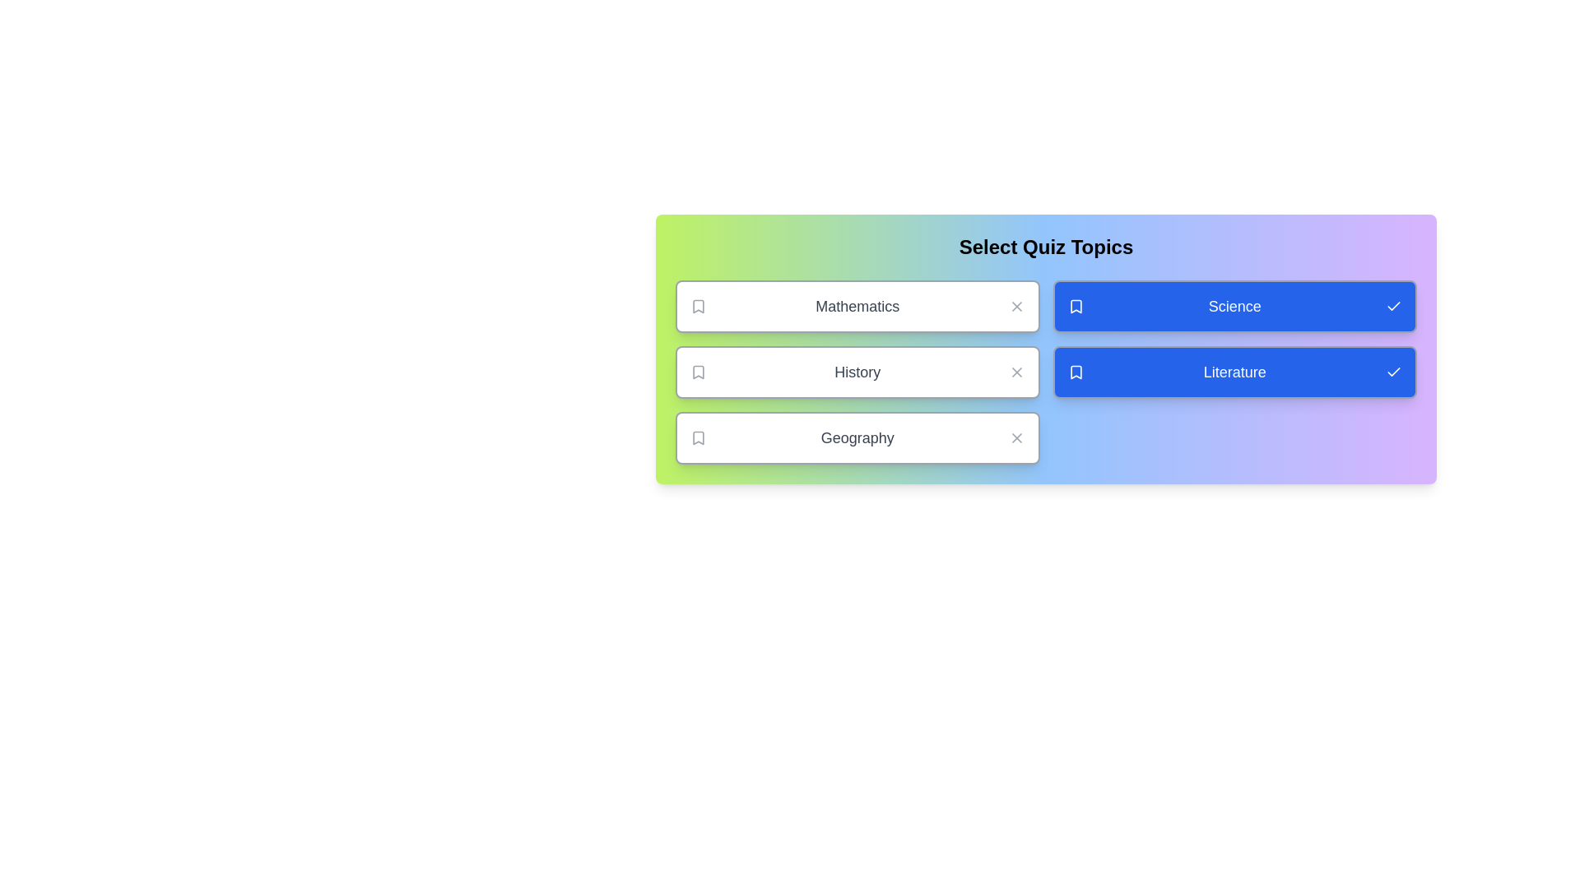 The height and width of the screenshot is (888, 1580). What do you see at coordinates (857, 437) in the screenshot?
I see `the topic Geography by clicking on its card` at bounding box center [857, 437].